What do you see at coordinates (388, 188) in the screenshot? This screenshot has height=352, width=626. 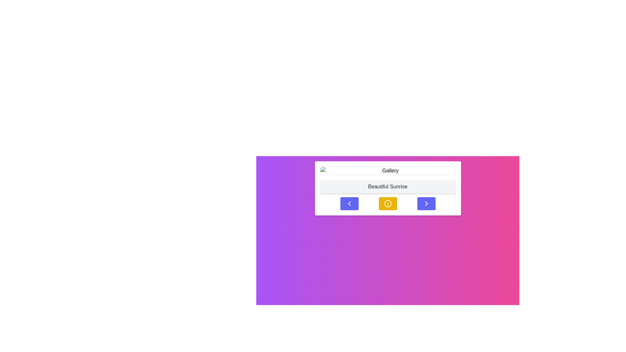 I see `the static text display that presents the title or description of the displayed gallery content, located below the 'Gallery' image placeholder and above three buttons` at bounding box center [388, 188].